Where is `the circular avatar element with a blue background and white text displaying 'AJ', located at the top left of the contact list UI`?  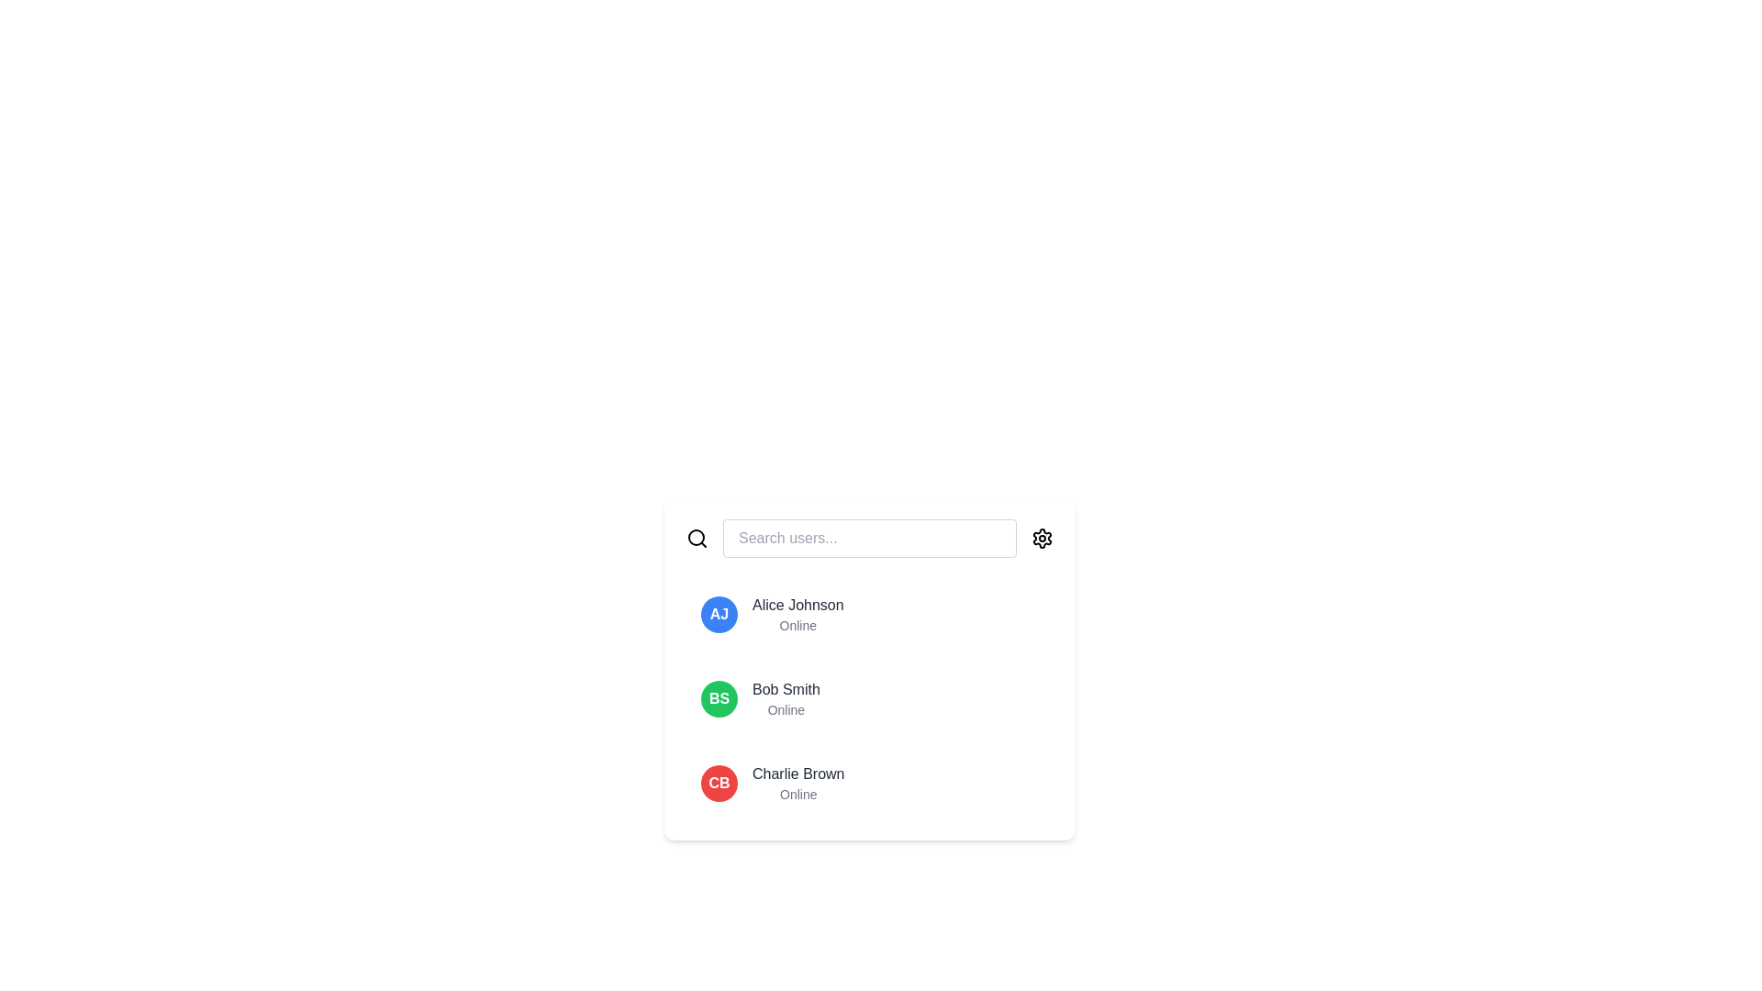
the circular avatar element with a blue background and white text displaying 'AJ', located at the top left of the contact list UI is located at coordinates (718, 615).